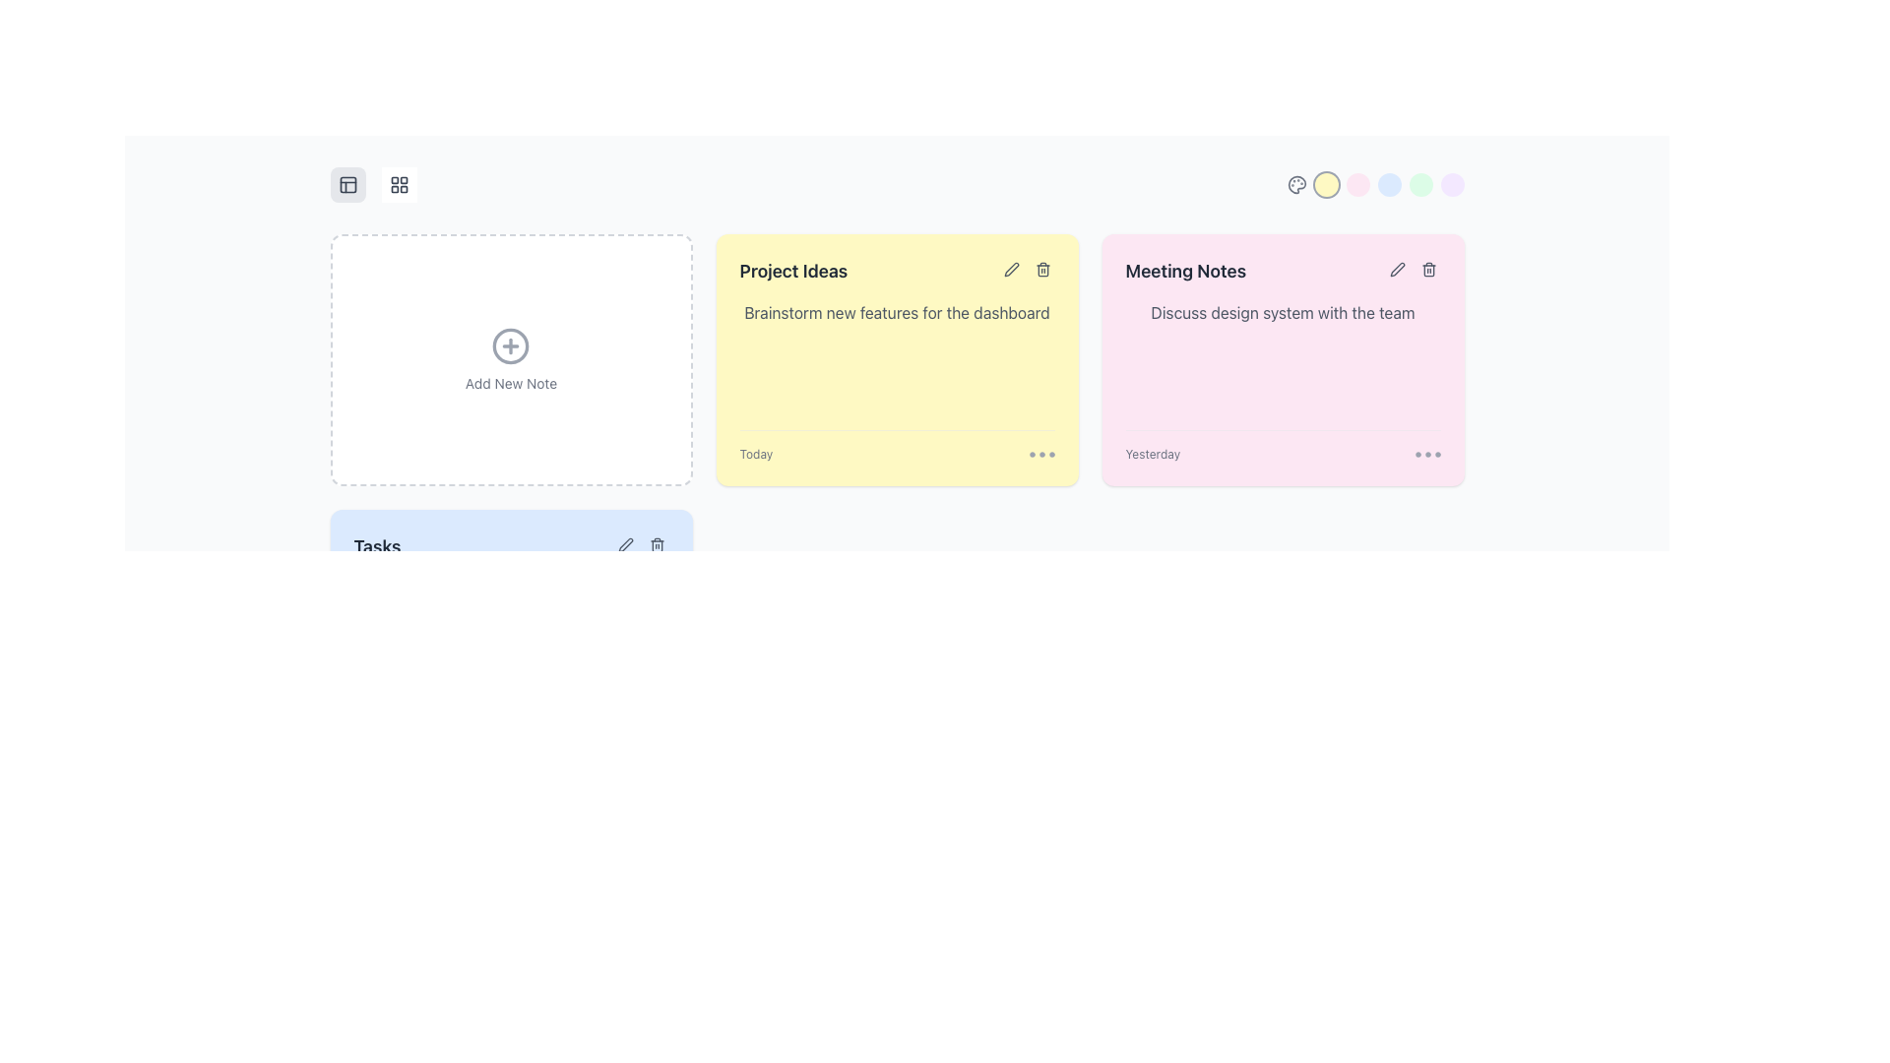 The image size is (1890, 1063). I want to click on the last circular button in the sequence of six icons located in the top-right section of the interface, so click(1452, 185).